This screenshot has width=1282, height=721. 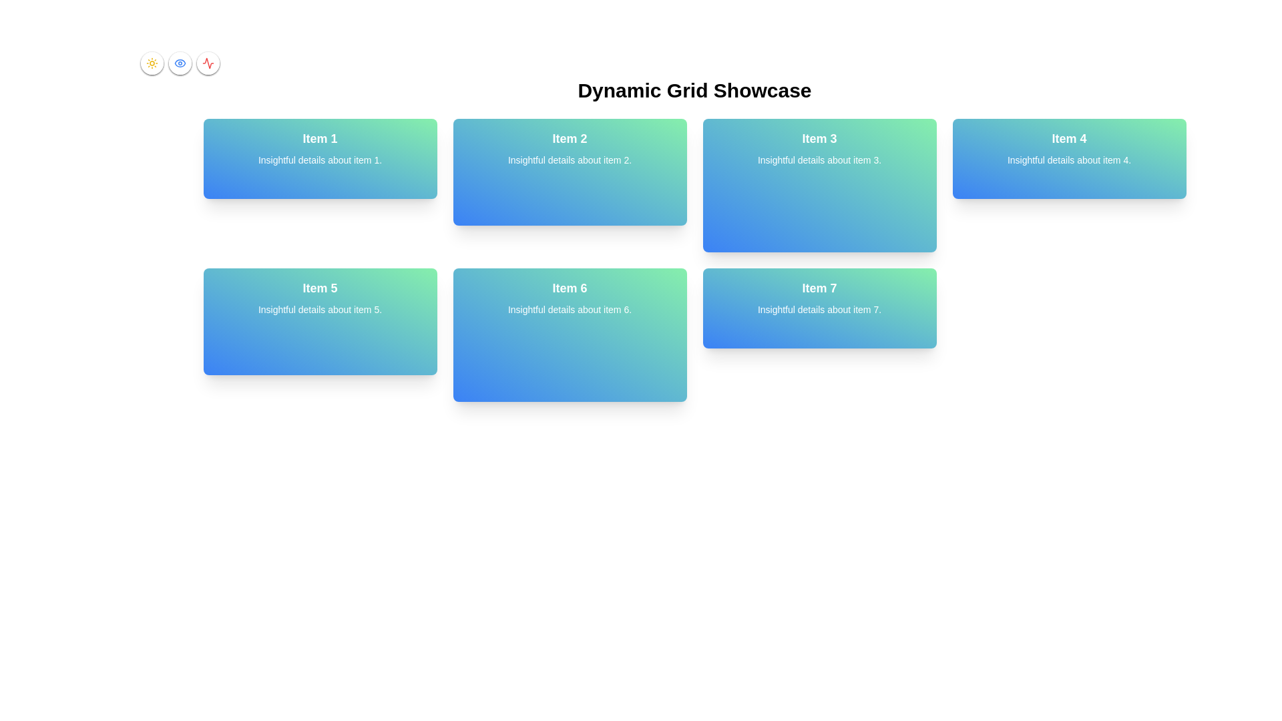 I want to click on text label displaying 'Item 7', which is styled with a bold font and white color on a gradient background, located in the bottom right card of the dynamic grid layout, so click(x=819, y=288).